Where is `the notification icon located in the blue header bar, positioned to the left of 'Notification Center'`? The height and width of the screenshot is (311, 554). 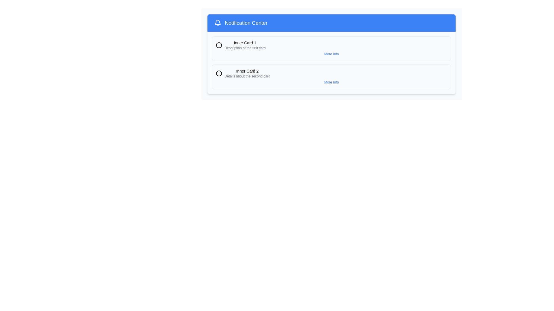
the notification icon located in the blue header bar, positioned to the left of 'Notification Center' is located at coordinates (217, 23).